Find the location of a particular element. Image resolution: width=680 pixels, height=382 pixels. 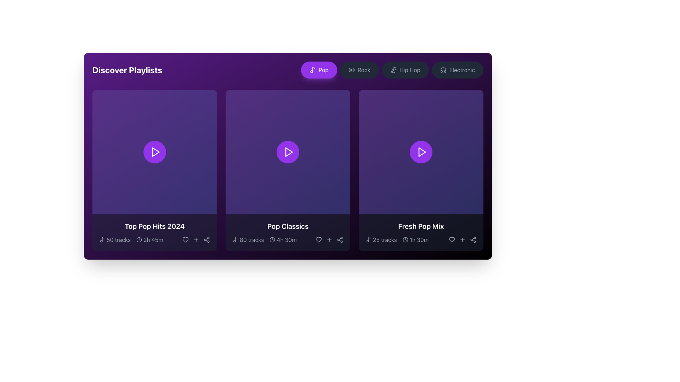

textual information display showing '80 tracks' and '4h 30m' located below the title 'Pop Classics', between the music note and clock icons is located at coordinates (288, 239).